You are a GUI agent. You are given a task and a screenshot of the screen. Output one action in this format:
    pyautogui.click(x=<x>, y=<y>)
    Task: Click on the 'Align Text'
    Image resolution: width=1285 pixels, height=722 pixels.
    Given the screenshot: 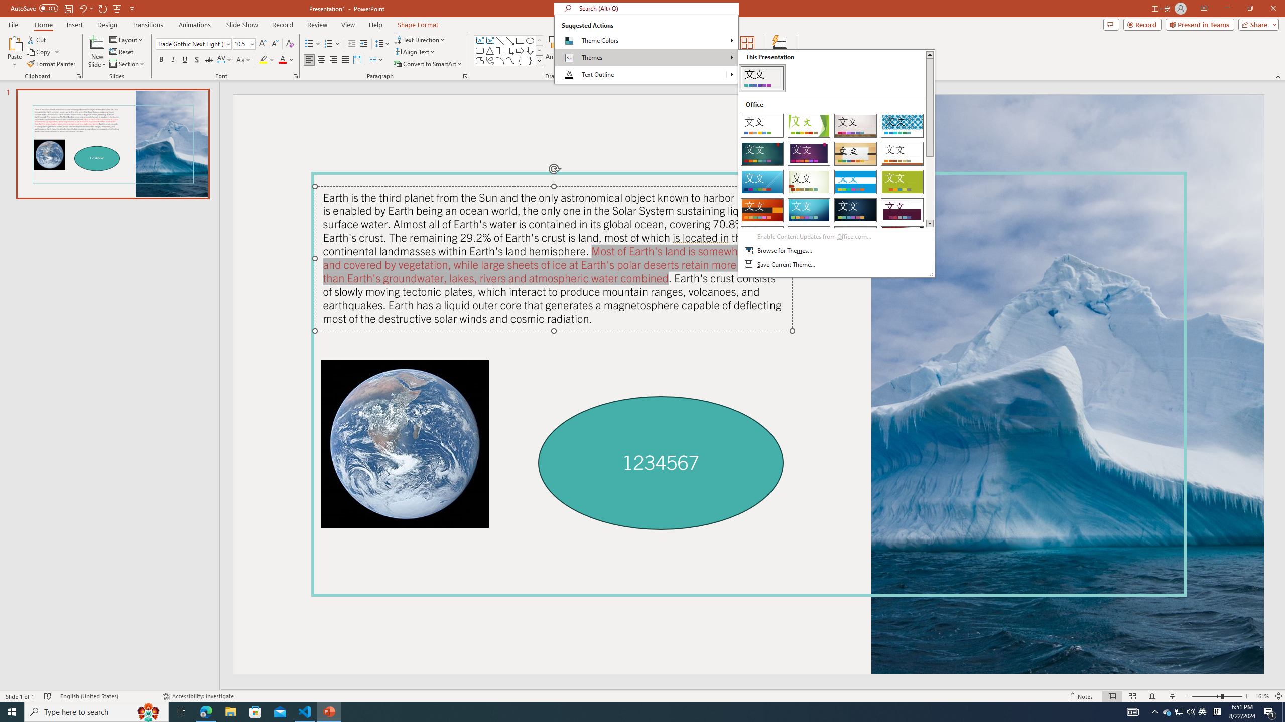 What is the action you would take?
    pyautogui.click(x=415, y=52)
    